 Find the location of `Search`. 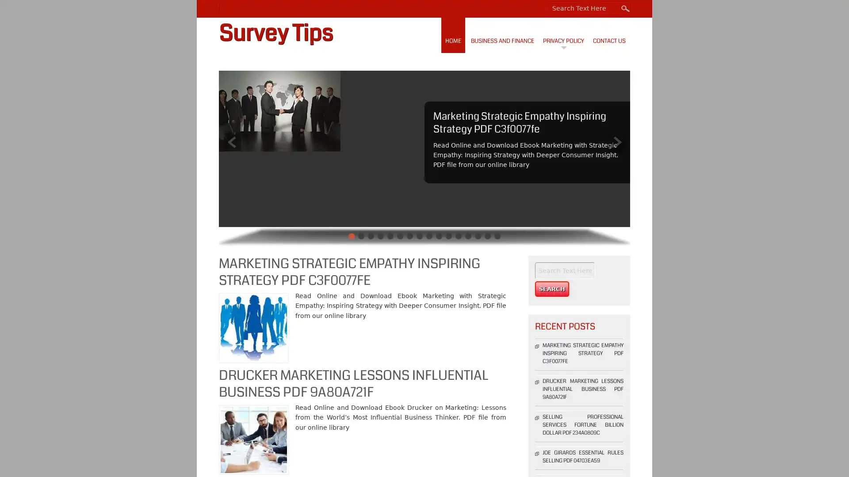

Search is located at coordinates (551, 289).